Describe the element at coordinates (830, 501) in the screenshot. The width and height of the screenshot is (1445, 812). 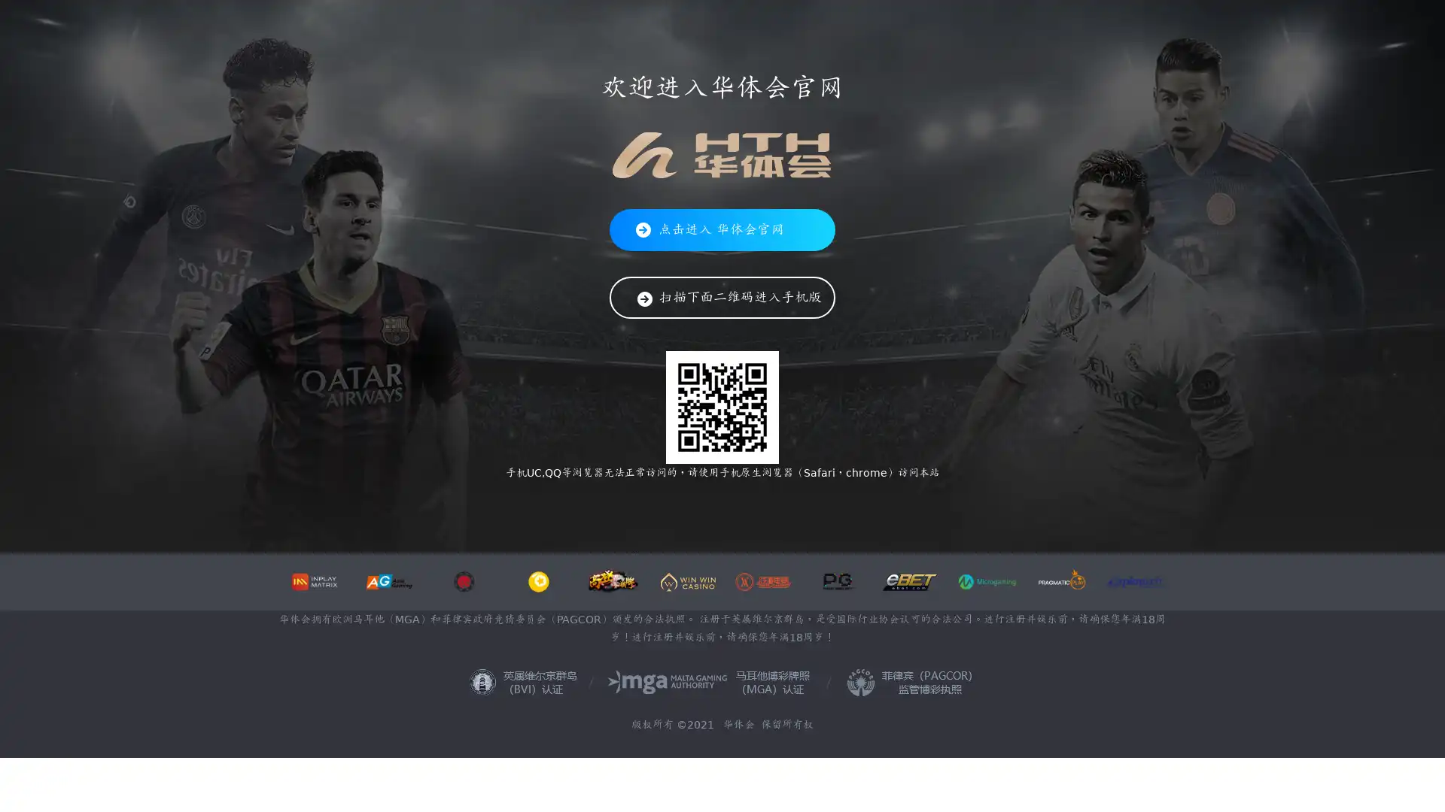
I see `15` at that location.